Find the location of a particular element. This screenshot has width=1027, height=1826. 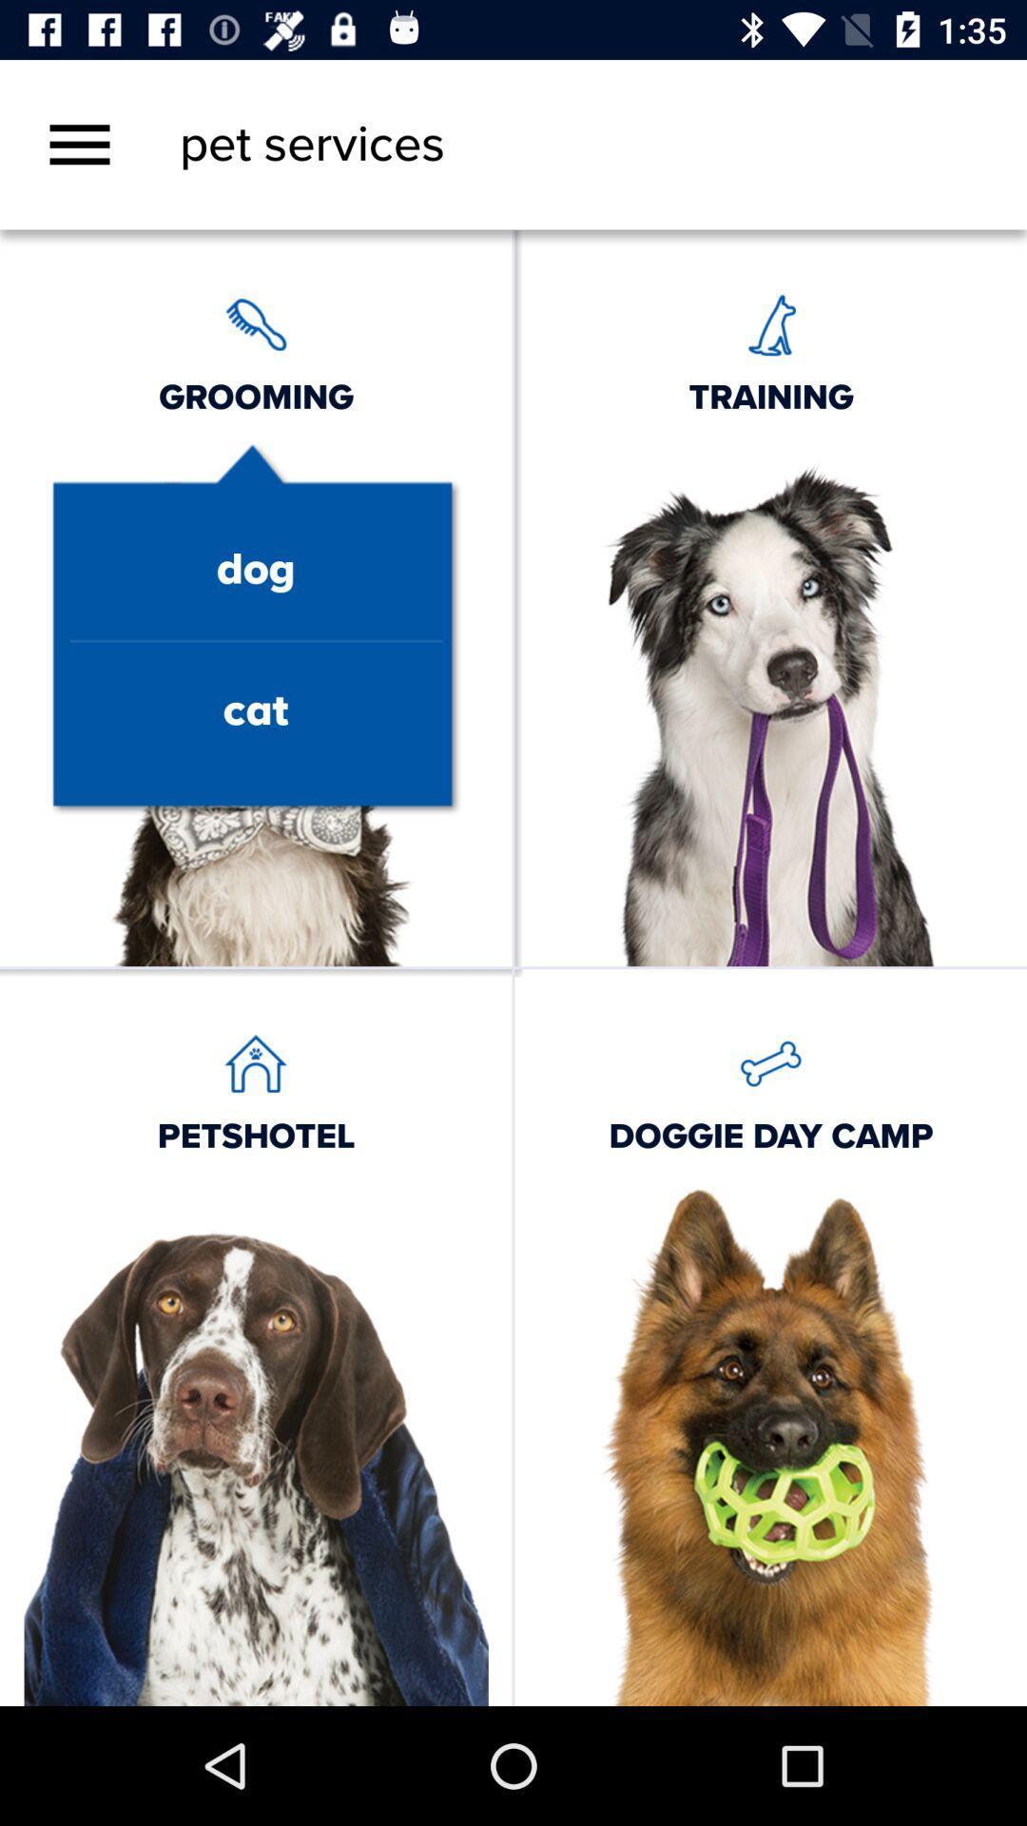

item next to the pet services item is located at coordinates (79, 144).